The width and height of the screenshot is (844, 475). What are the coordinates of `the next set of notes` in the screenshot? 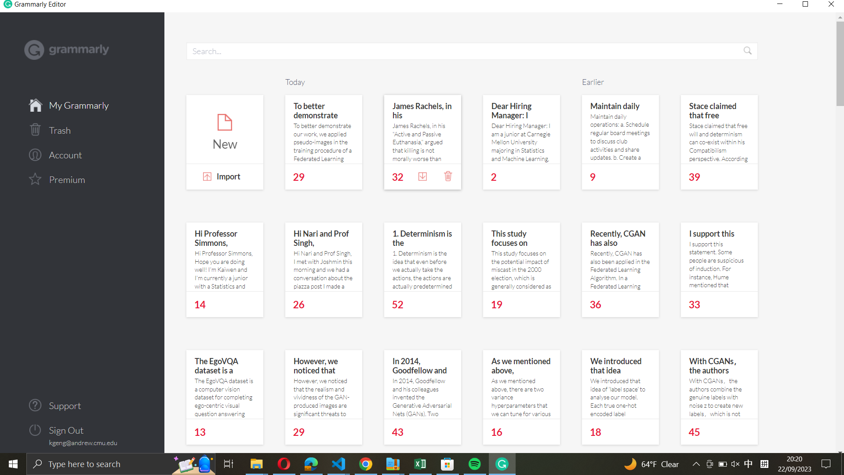 It's located at (499, 259).